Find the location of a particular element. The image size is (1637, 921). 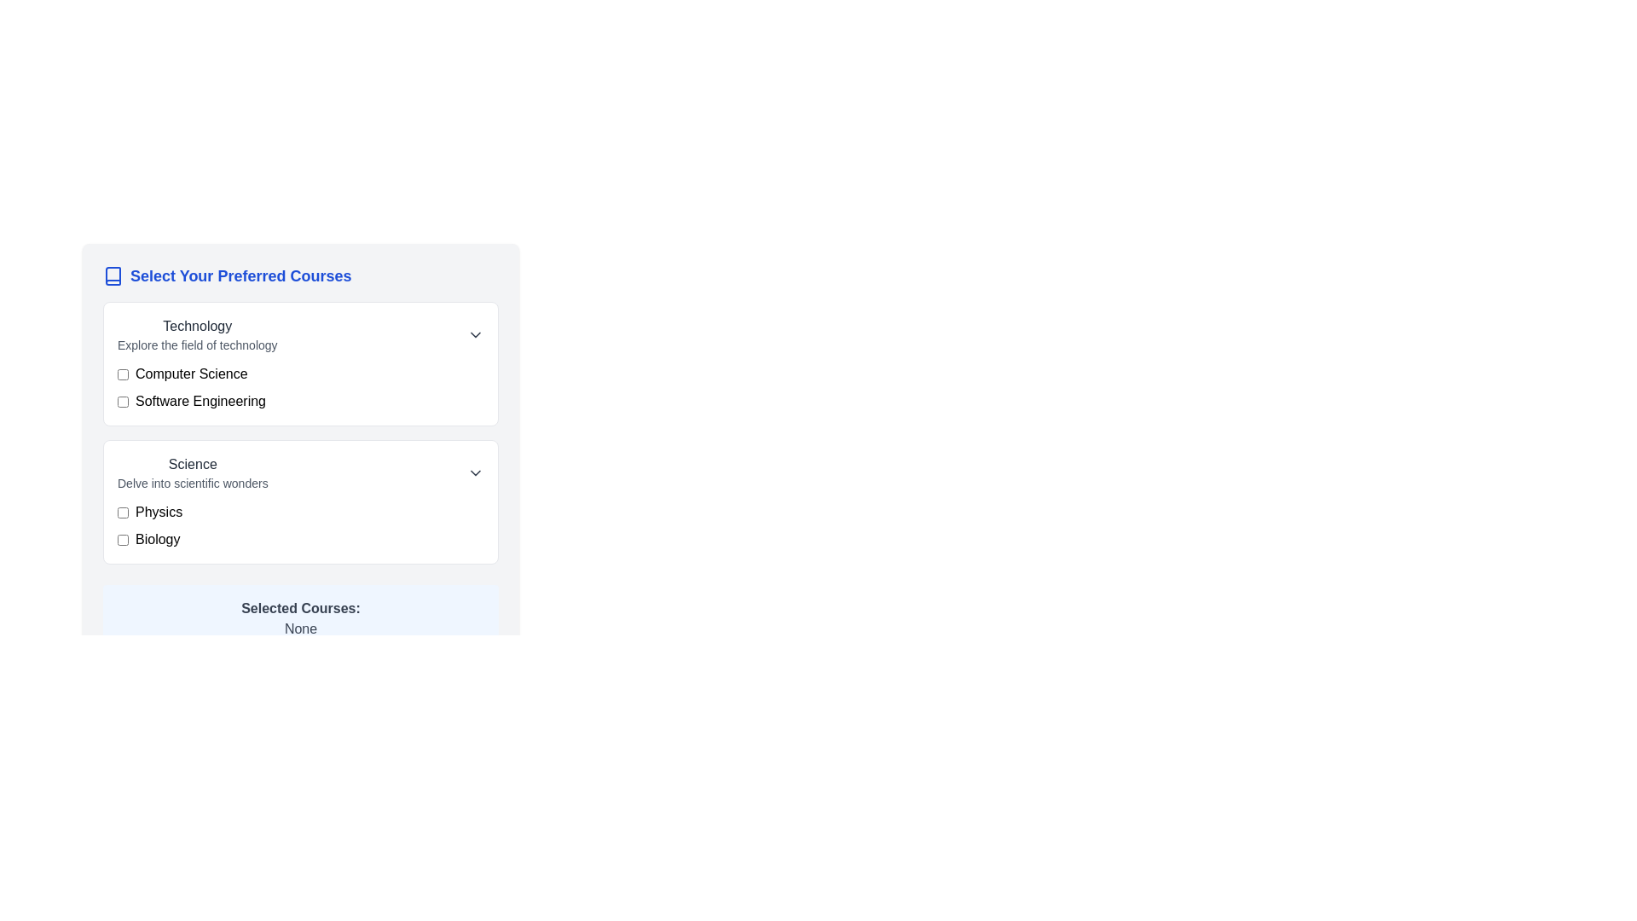

the checkbox labeled 'Physics' is located at coordinates (301, 512).